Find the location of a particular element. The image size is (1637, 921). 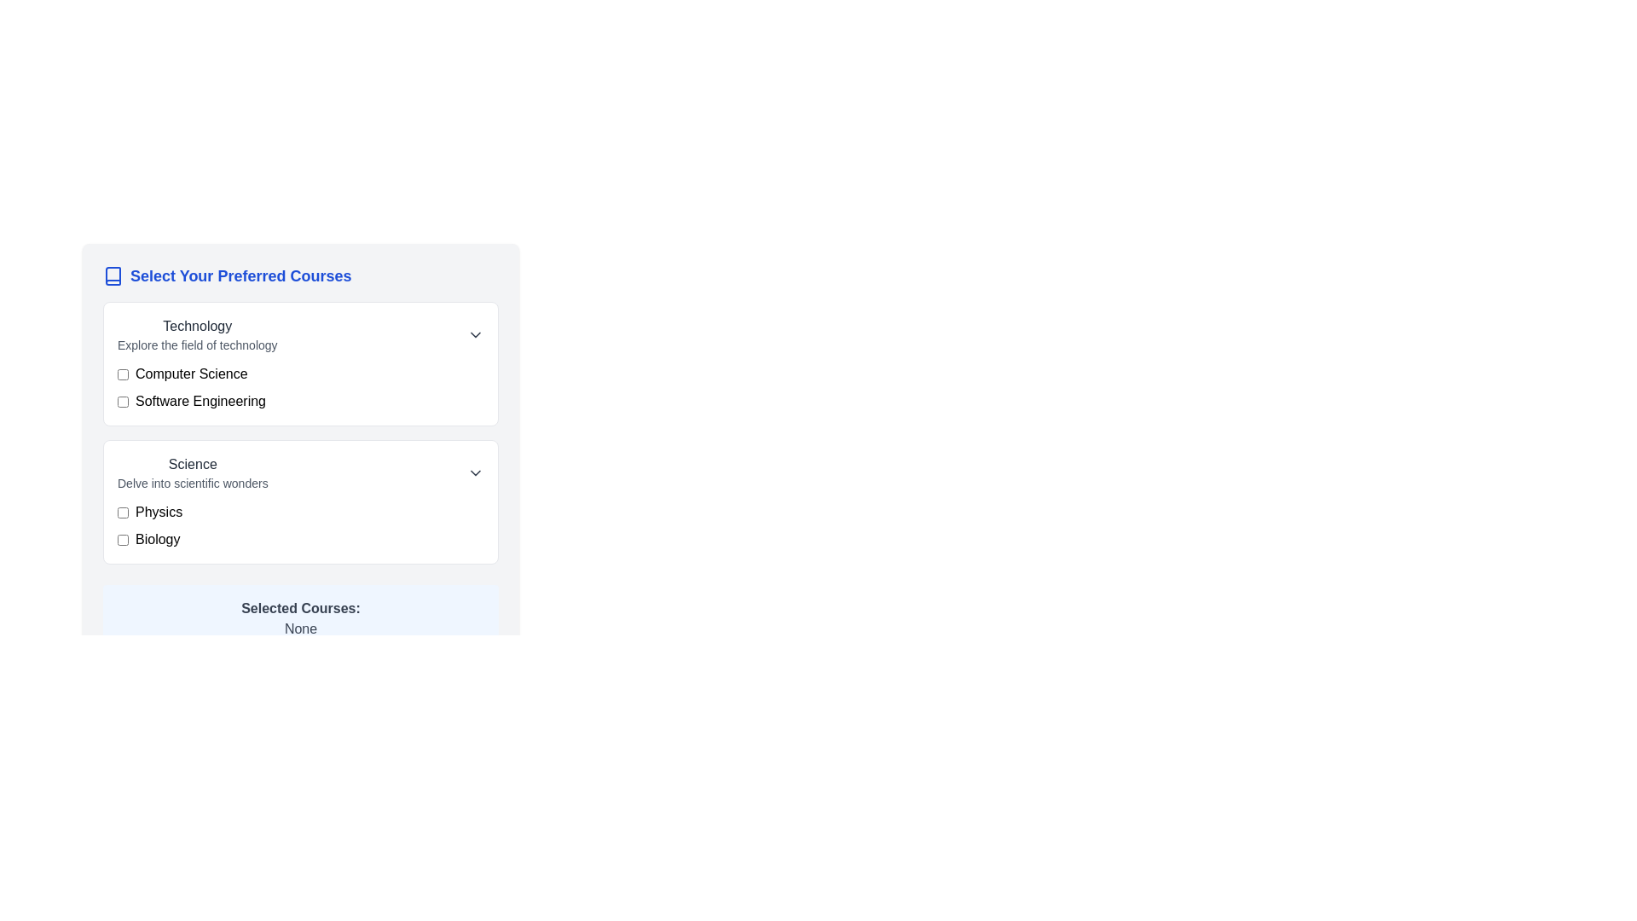

the checkbox labeled 'Physics' is located at coordinates (301, 512).